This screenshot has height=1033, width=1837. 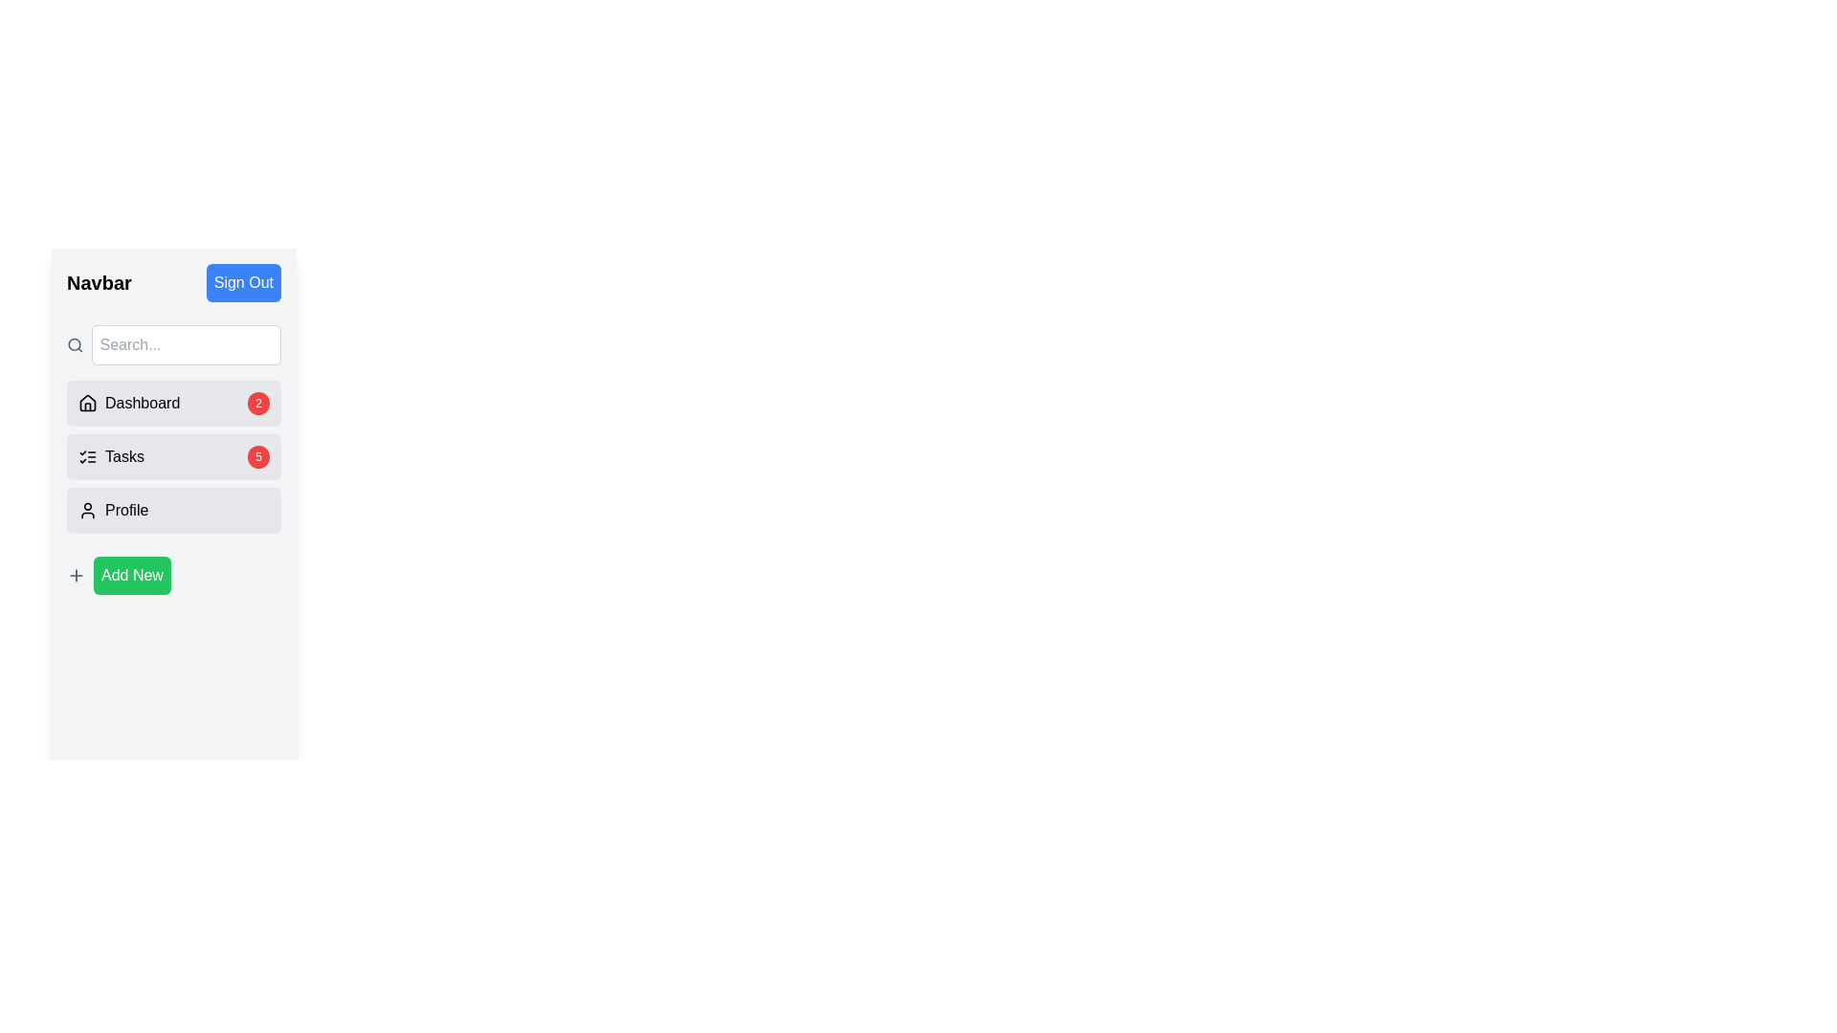 I want to click on the button located at the bottom of the vertical navigation panel, so click(x=174, y=574).